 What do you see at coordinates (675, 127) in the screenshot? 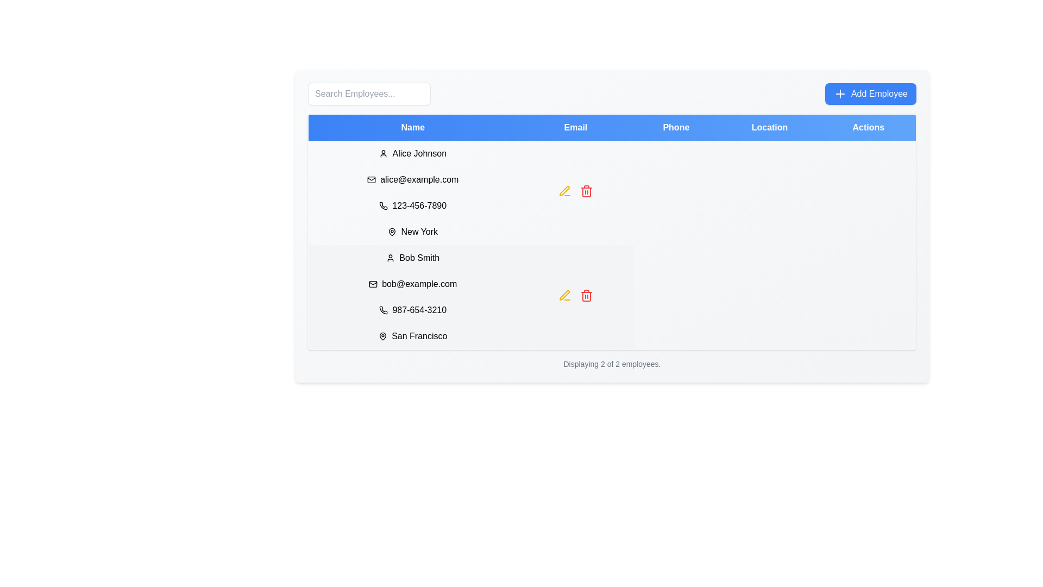
I see `the text label displaying 'Phone', which is styled with white text on a blue background and is the third element in a horizontal list of labels` at bounding box center [675, 127].